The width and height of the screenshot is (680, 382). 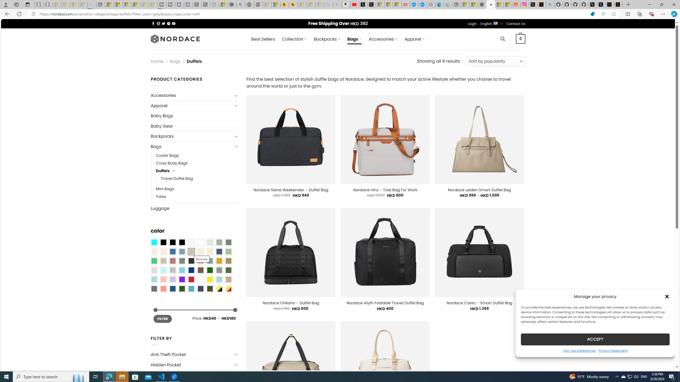 I want to click on 'Yellow', so click(x=210, y=279).